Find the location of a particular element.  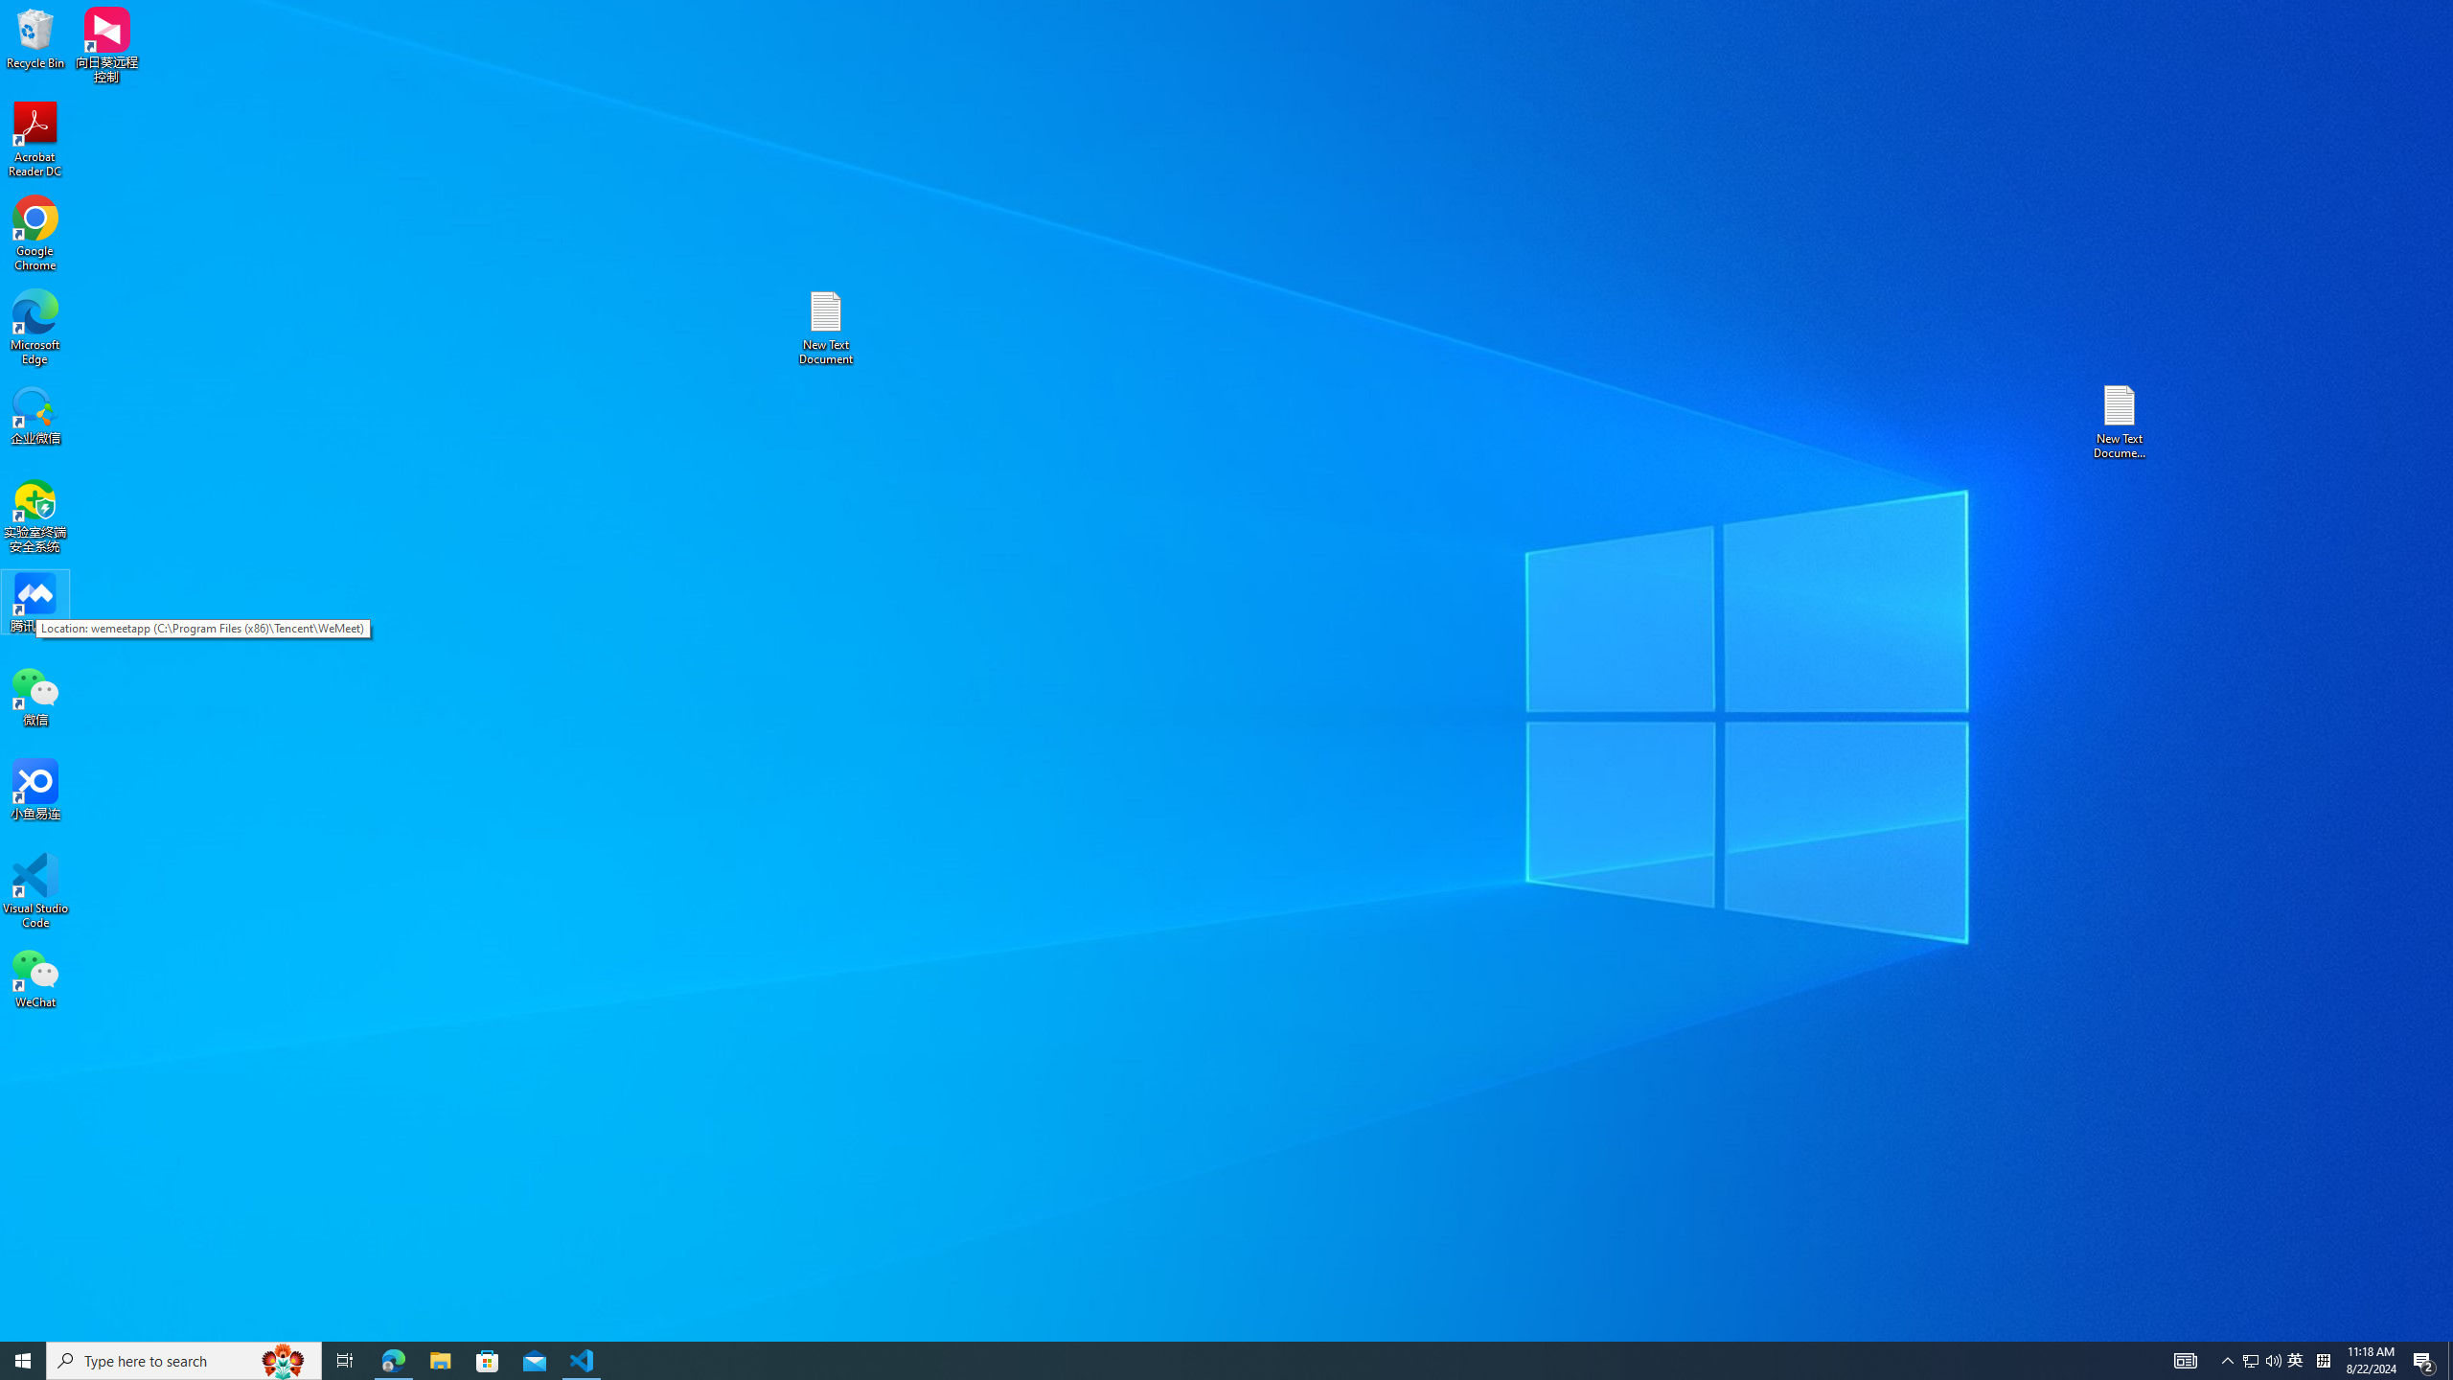

'New Text Document (2)' is located at coordinates (2121, 420).